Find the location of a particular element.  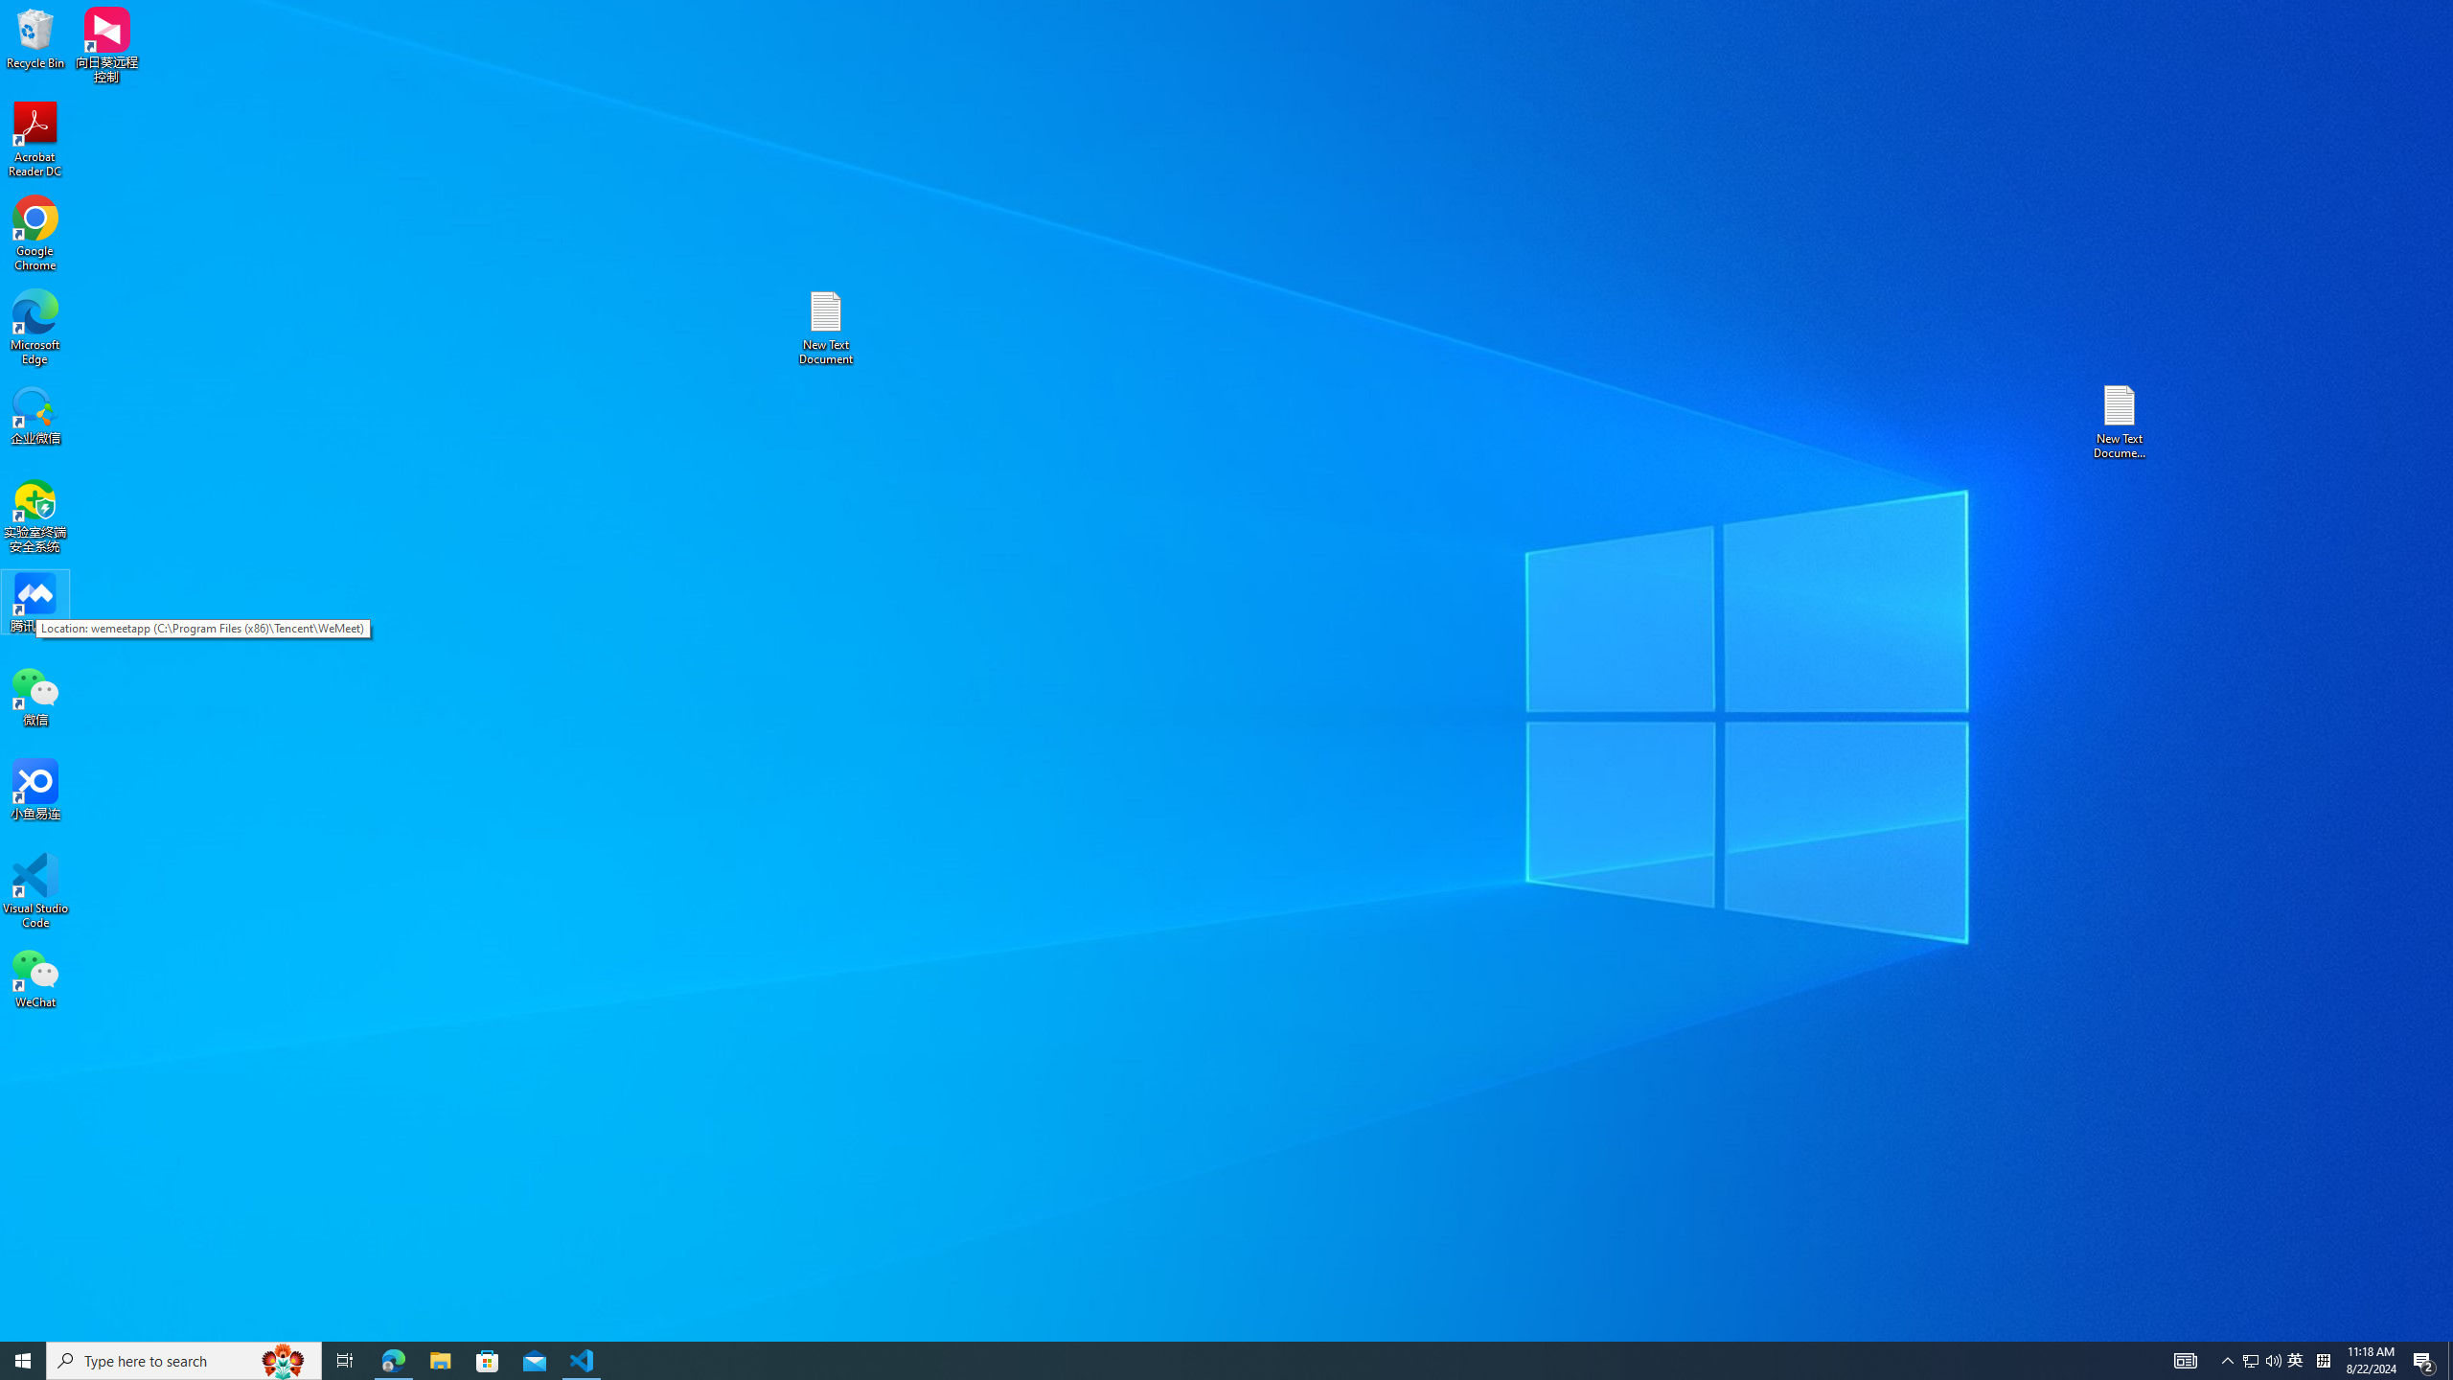

'New Text Document (2)' is located at coordinates (2121, 420).